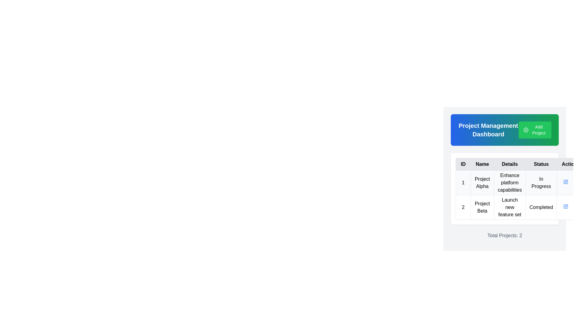 The height and width of the screenshot is (328, 584). Describe the element at coordinates (482, 182) in the screenshot. I see `text content of the project name label located in the first row of the table under the 'Name' column, adjacent to the ID '1'` at that location.